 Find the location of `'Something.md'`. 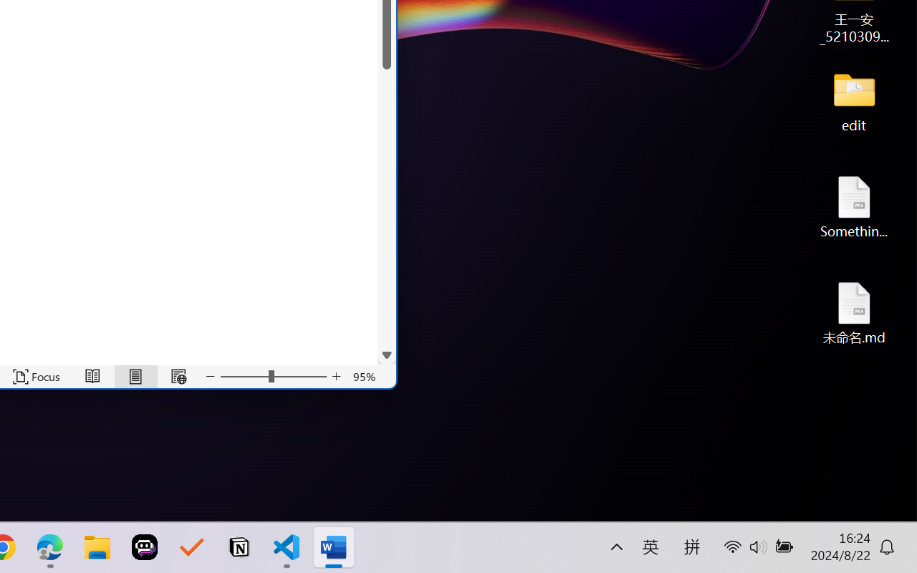

'Something.md' is located at coordinates (854, 206).